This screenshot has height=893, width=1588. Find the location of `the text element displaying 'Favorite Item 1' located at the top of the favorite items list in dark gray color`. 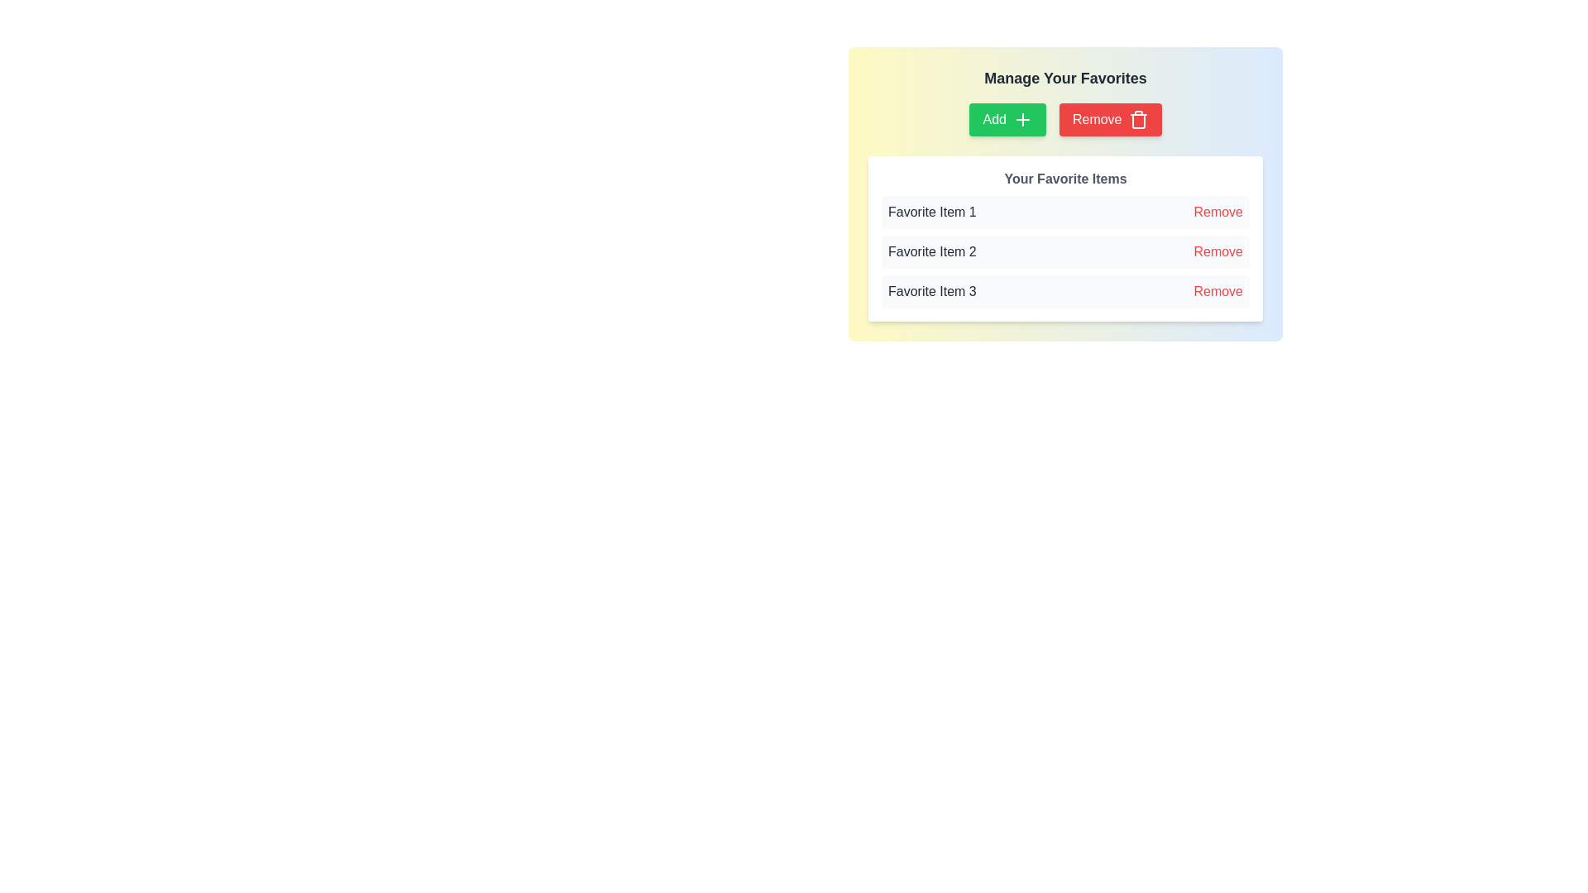

the text element displaying 'Favorite Item 1' located at the top of the favorite items list in dark gray color is located at coordinates (932, 212).